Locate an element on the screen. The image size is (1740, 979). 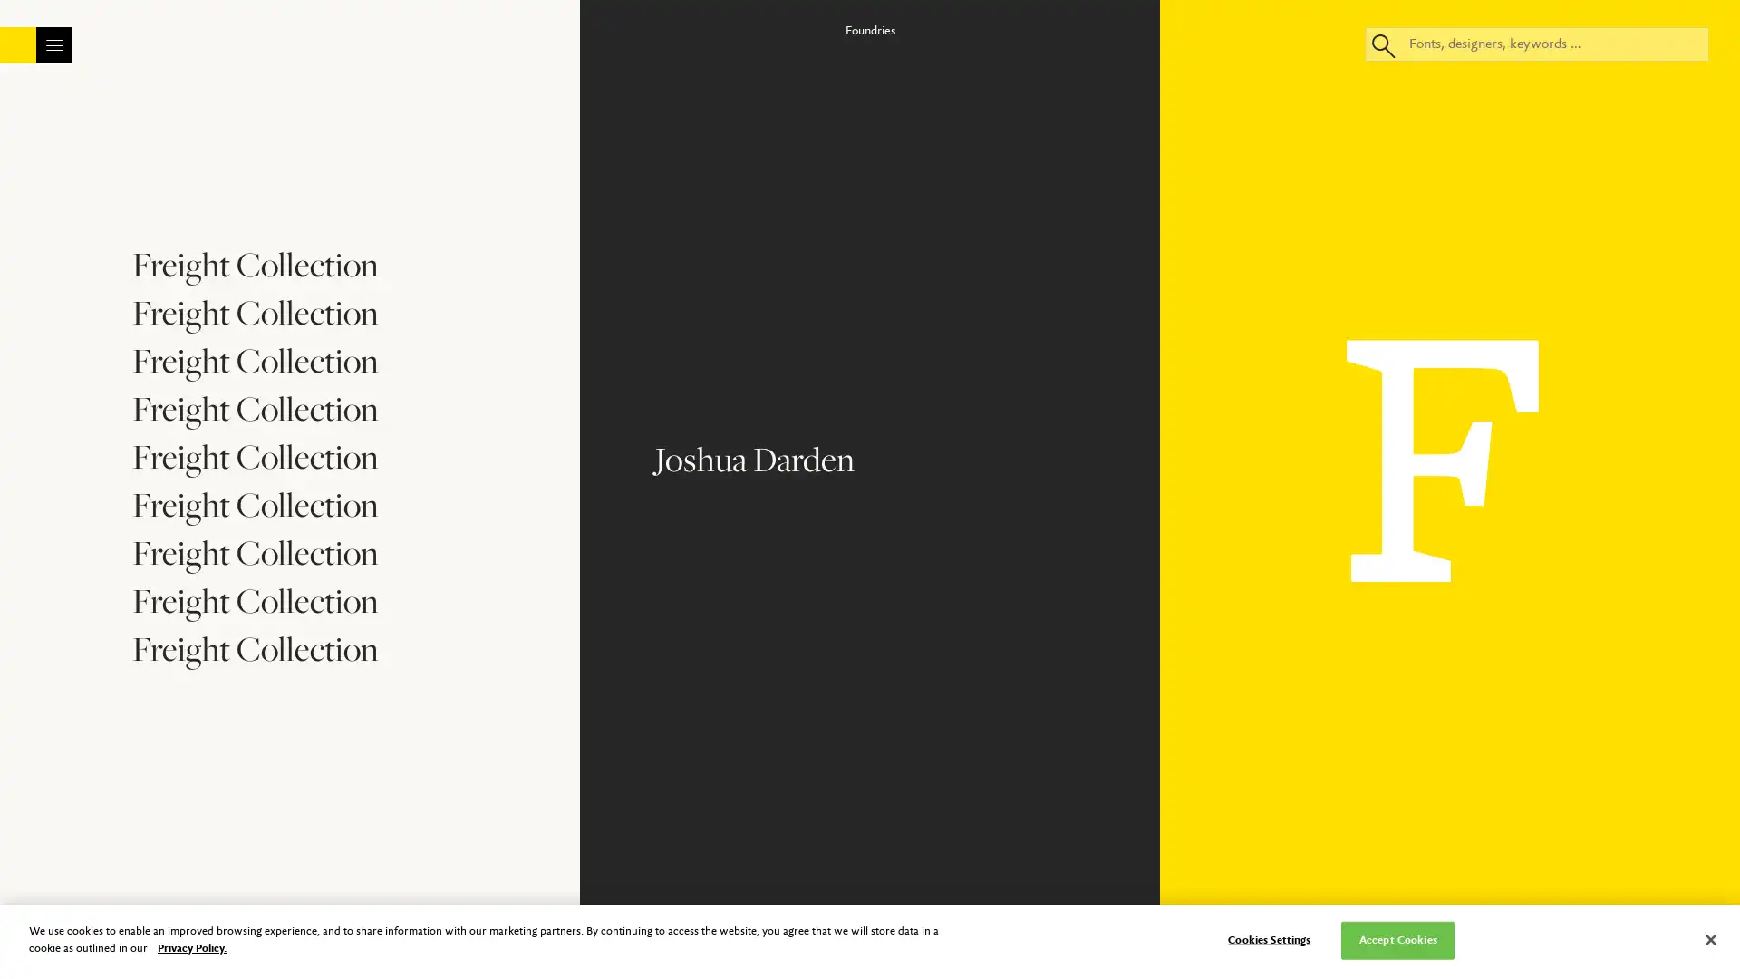
Cookies Settings is located at coordinates (1268, 939).